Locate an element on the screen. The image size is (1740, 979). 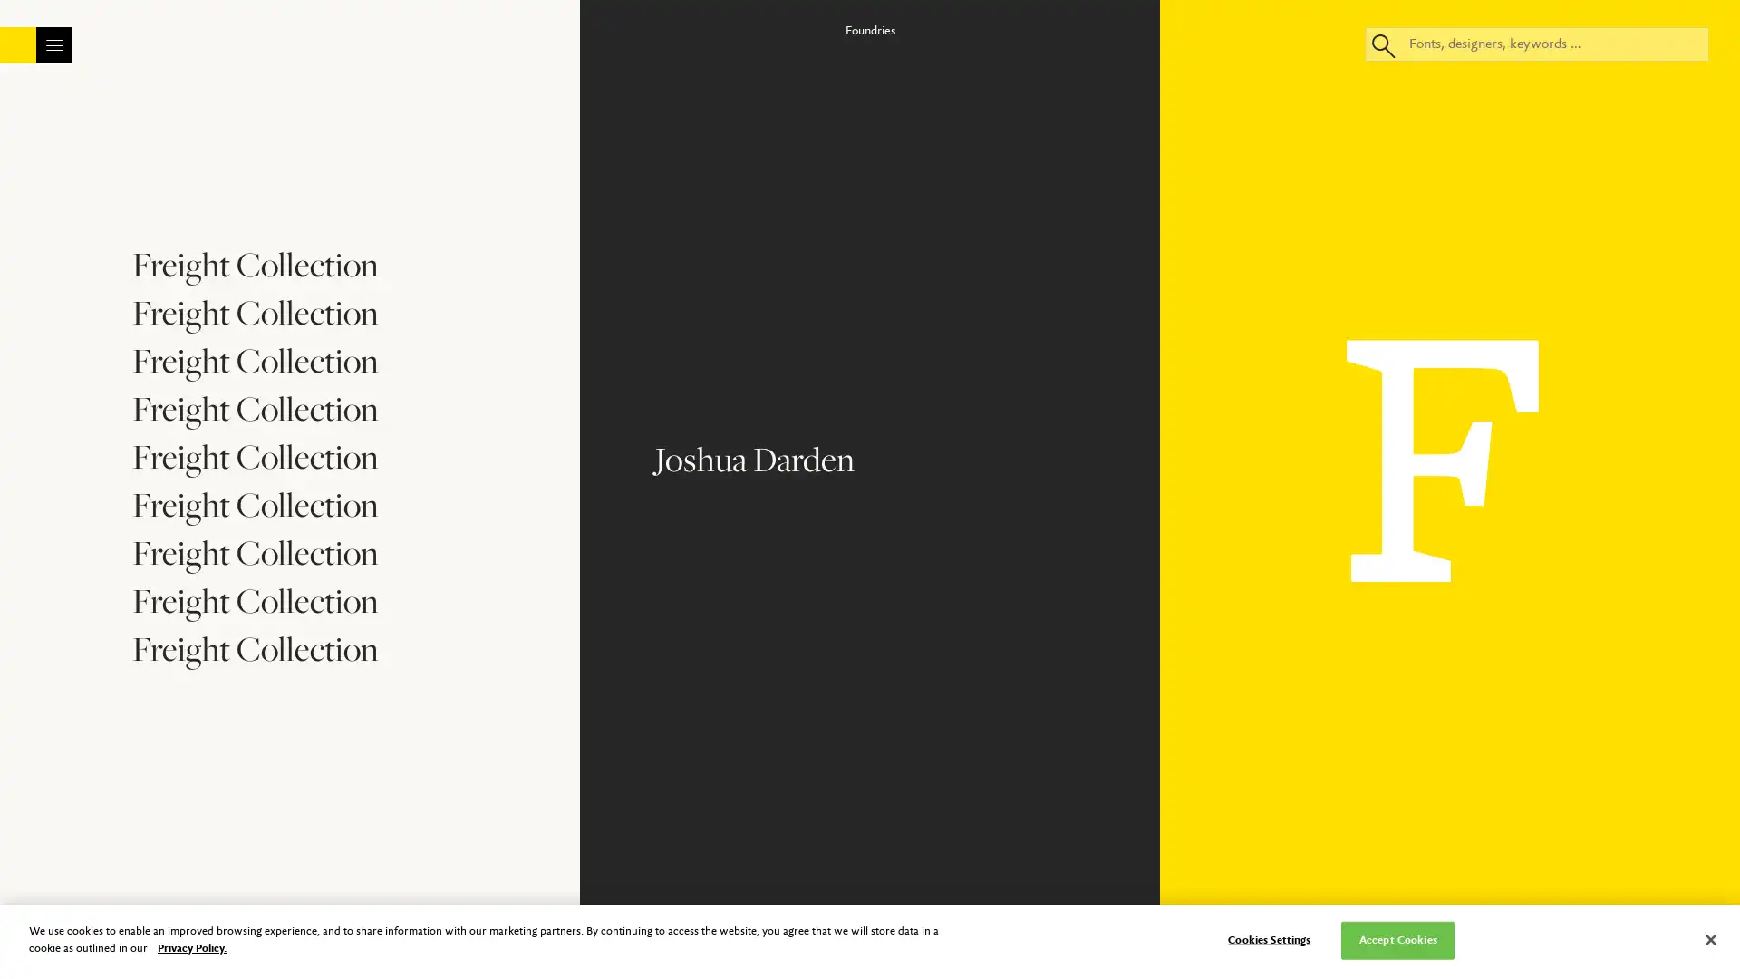
Cookies Settings is located at coordinates (1268, 939).